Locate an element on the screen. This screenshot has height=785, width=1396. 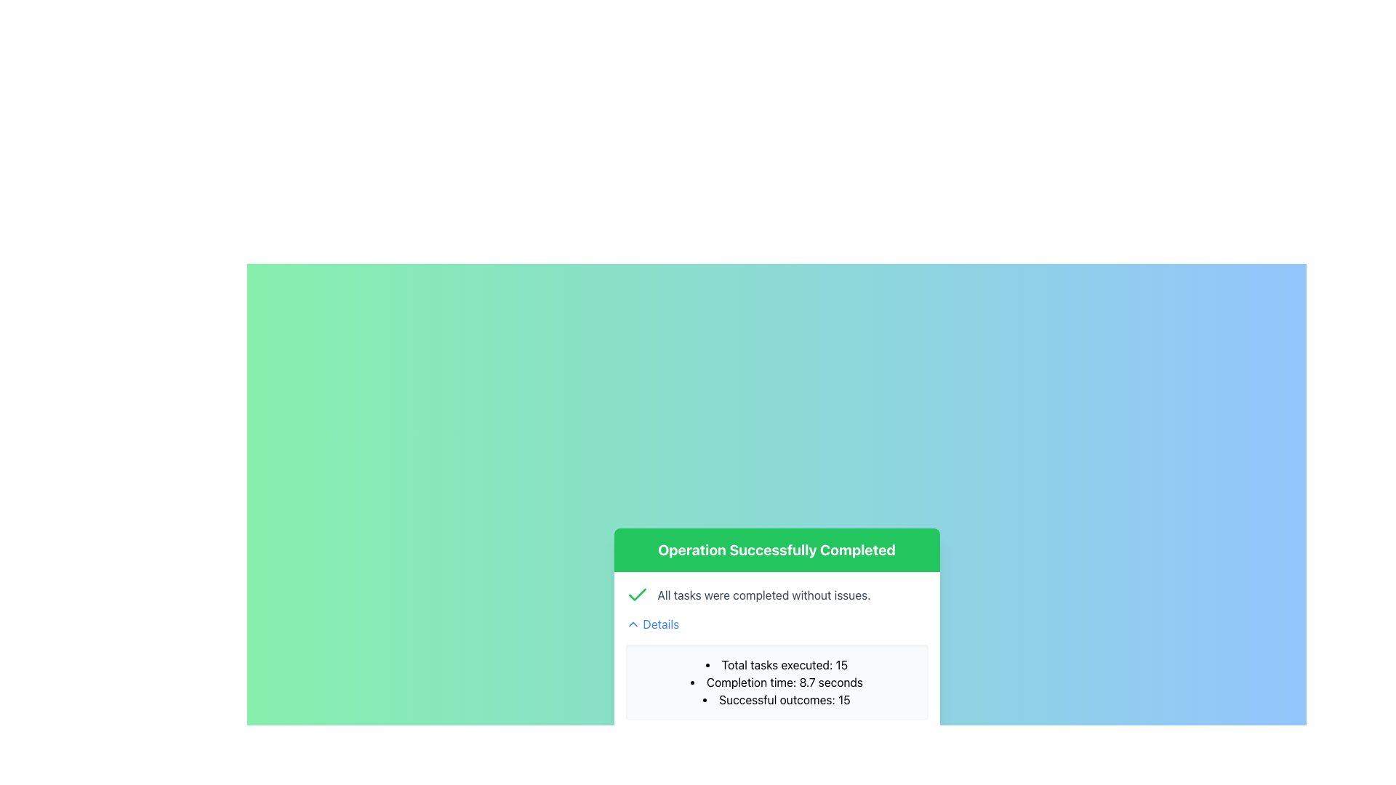
the static text displaying the count of total tasks executed, located under the header 'Operation Successfully Completed' is located at coordinates (776, 664).